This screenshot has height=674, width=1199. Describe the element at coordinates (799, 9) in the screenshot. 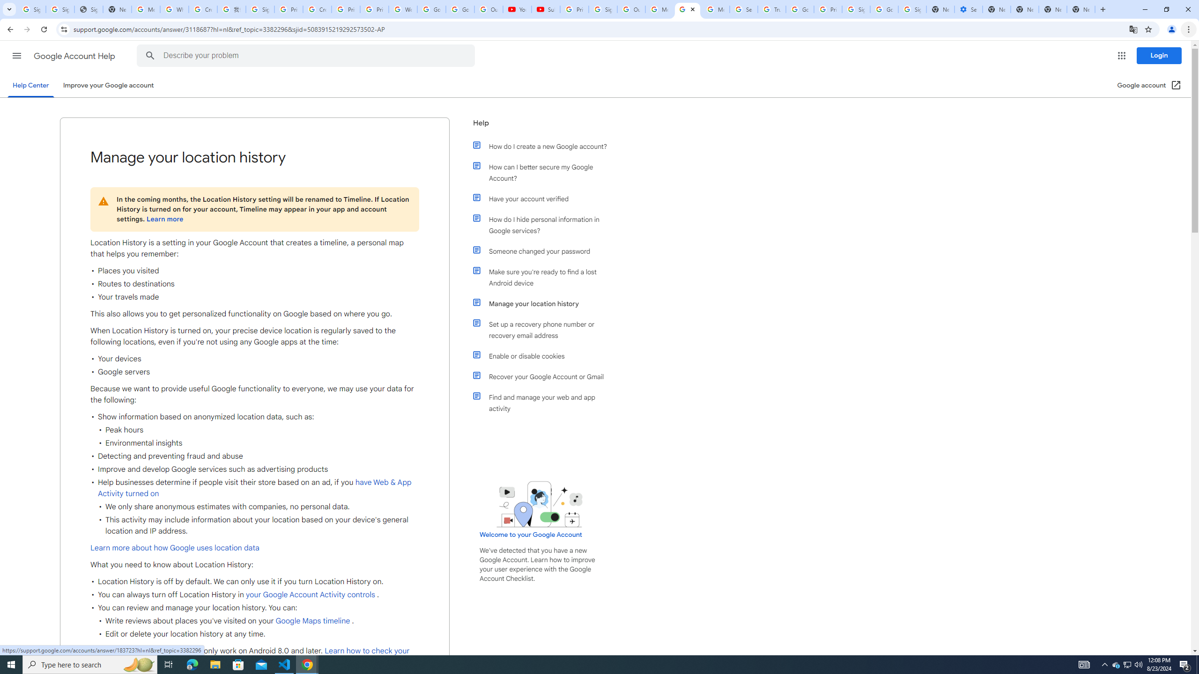

I see `'Google Ads - Sign in'` at that location.